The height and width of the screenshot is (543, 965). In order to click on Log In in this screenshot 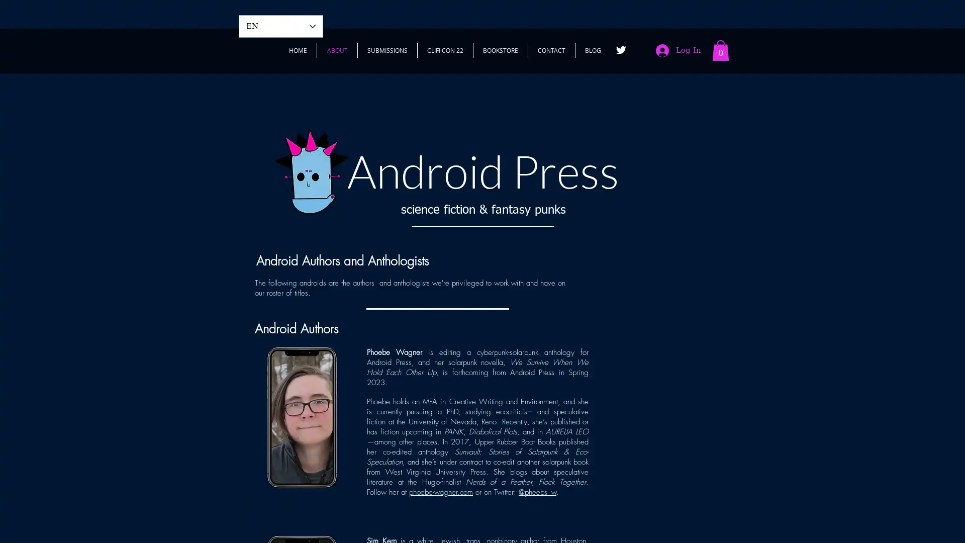, I will do `click(678, 50)`.